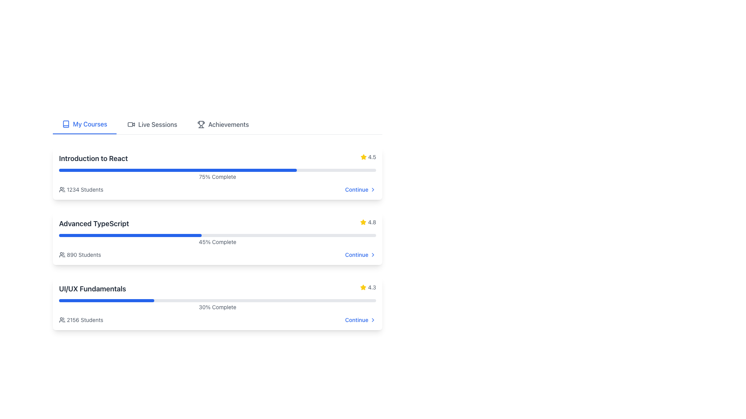  Describe the element at coordinates (66, 124) in the screenshot. I see `the small book icon located to the far left of the navigation bar, adjacent to the 'My Courses' label` at that location.